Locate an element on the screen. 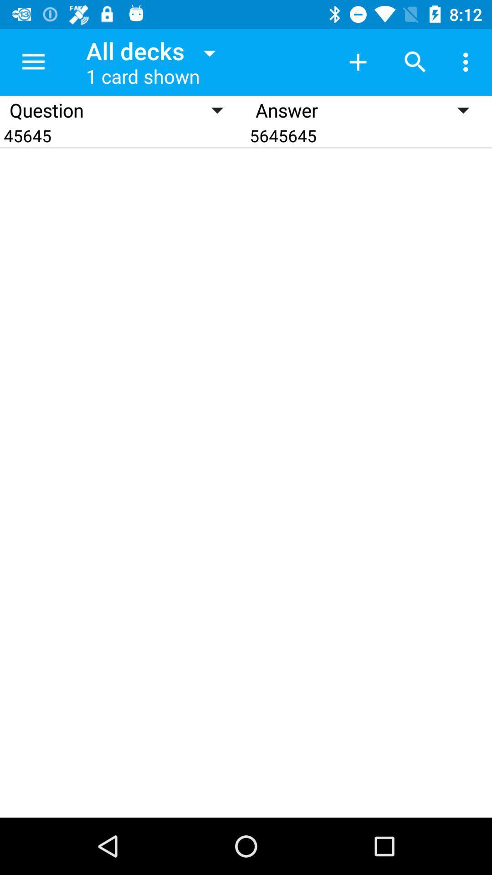 This screenshot has height=875, width=492. the item to the left of the all decks is located at coordinates (33, 62).